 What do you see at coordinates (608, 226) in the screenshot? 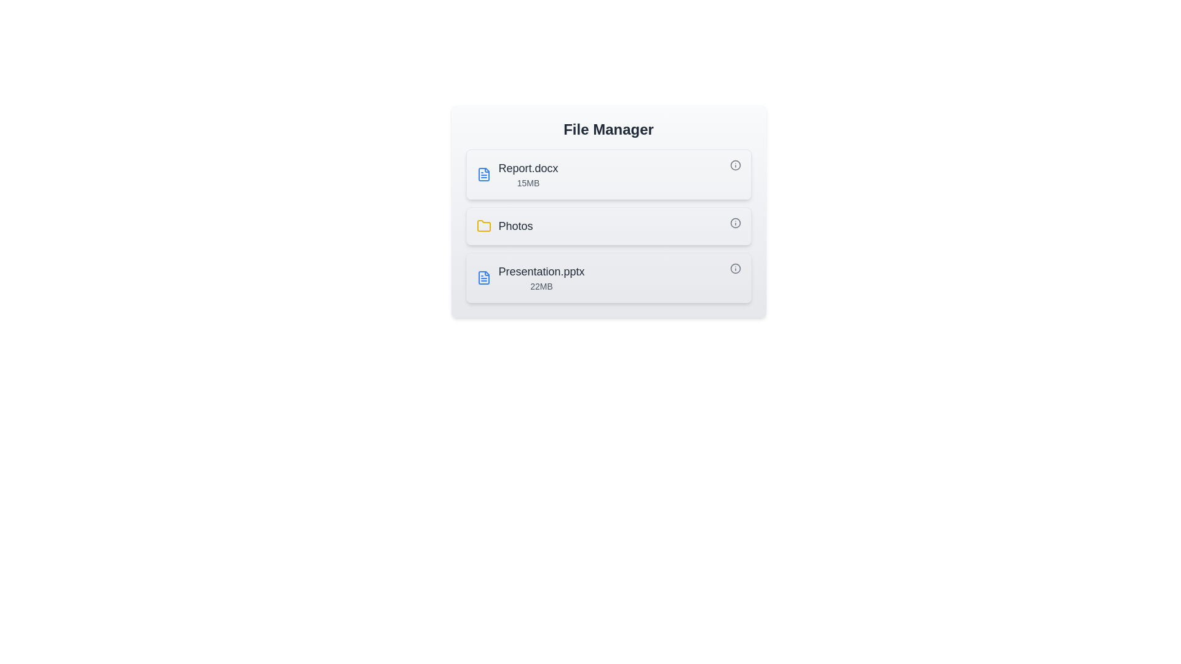
I see `the file or folder named Photos by clicking on it` at bounding box center [608, 226].